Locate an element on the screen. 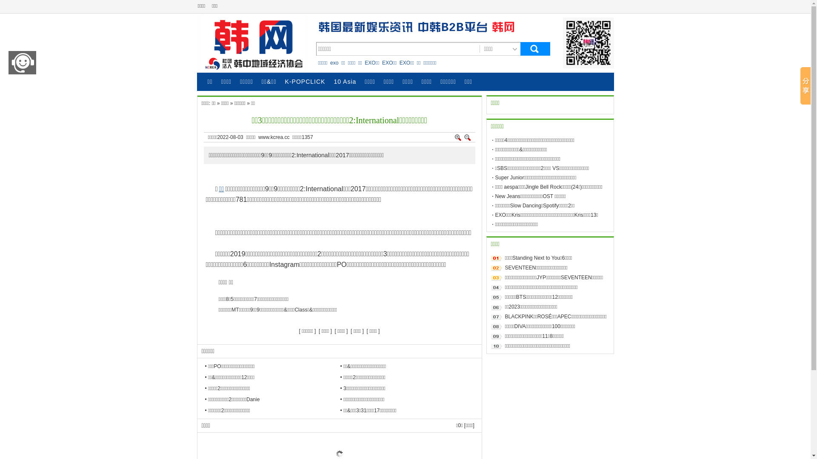 This screenshot has width=817, height=459. 'exo' is located at coordinates (334, 62).